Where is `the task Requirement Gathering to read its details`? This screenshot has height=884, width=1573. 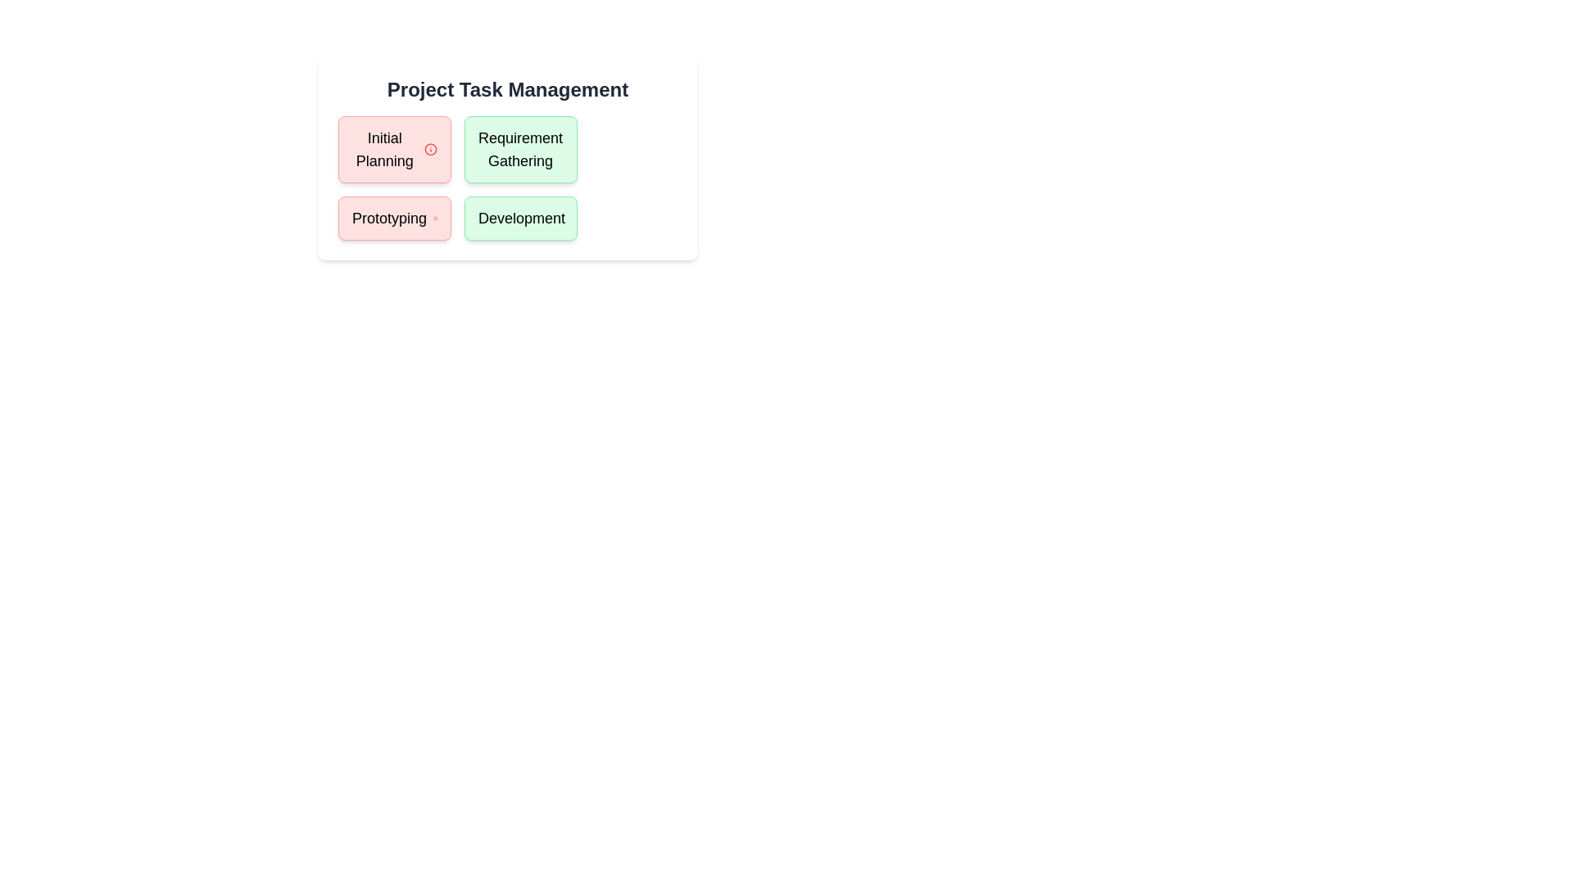
the task Requirement Gathering to read its details is located at coordinates (519, 149).